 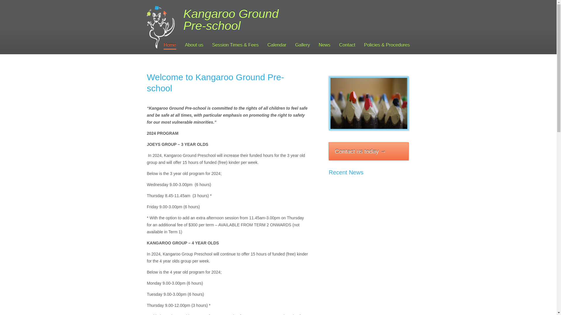 What do you see at coordinates (347, 45) in the screenshot?
I see `'Contact'` at bounding box center [347, 45].